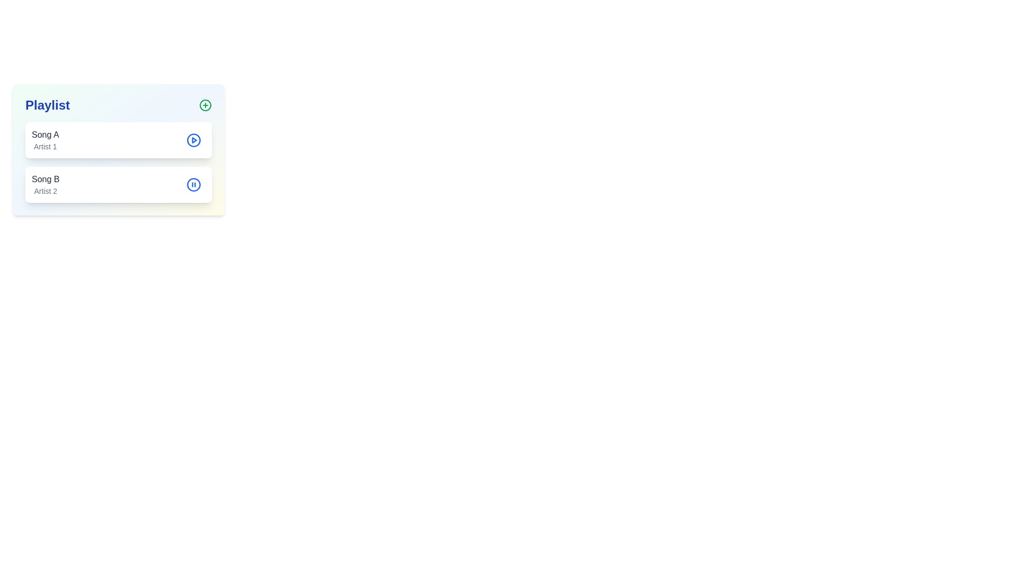  Describe the element at coordinates (193, 184) in the screenshot. I see `the circular pause button with a blue outline located to the right of the 'Song B' card in the playlist` at that location.